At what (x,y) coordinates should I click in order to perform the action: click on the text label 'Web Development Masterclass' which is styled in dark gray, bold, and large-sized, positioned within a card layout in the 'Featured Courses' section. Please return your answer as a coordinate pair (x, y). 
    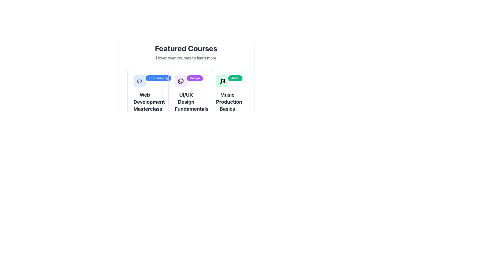
    Looking at the image, I should click on (145, 102).